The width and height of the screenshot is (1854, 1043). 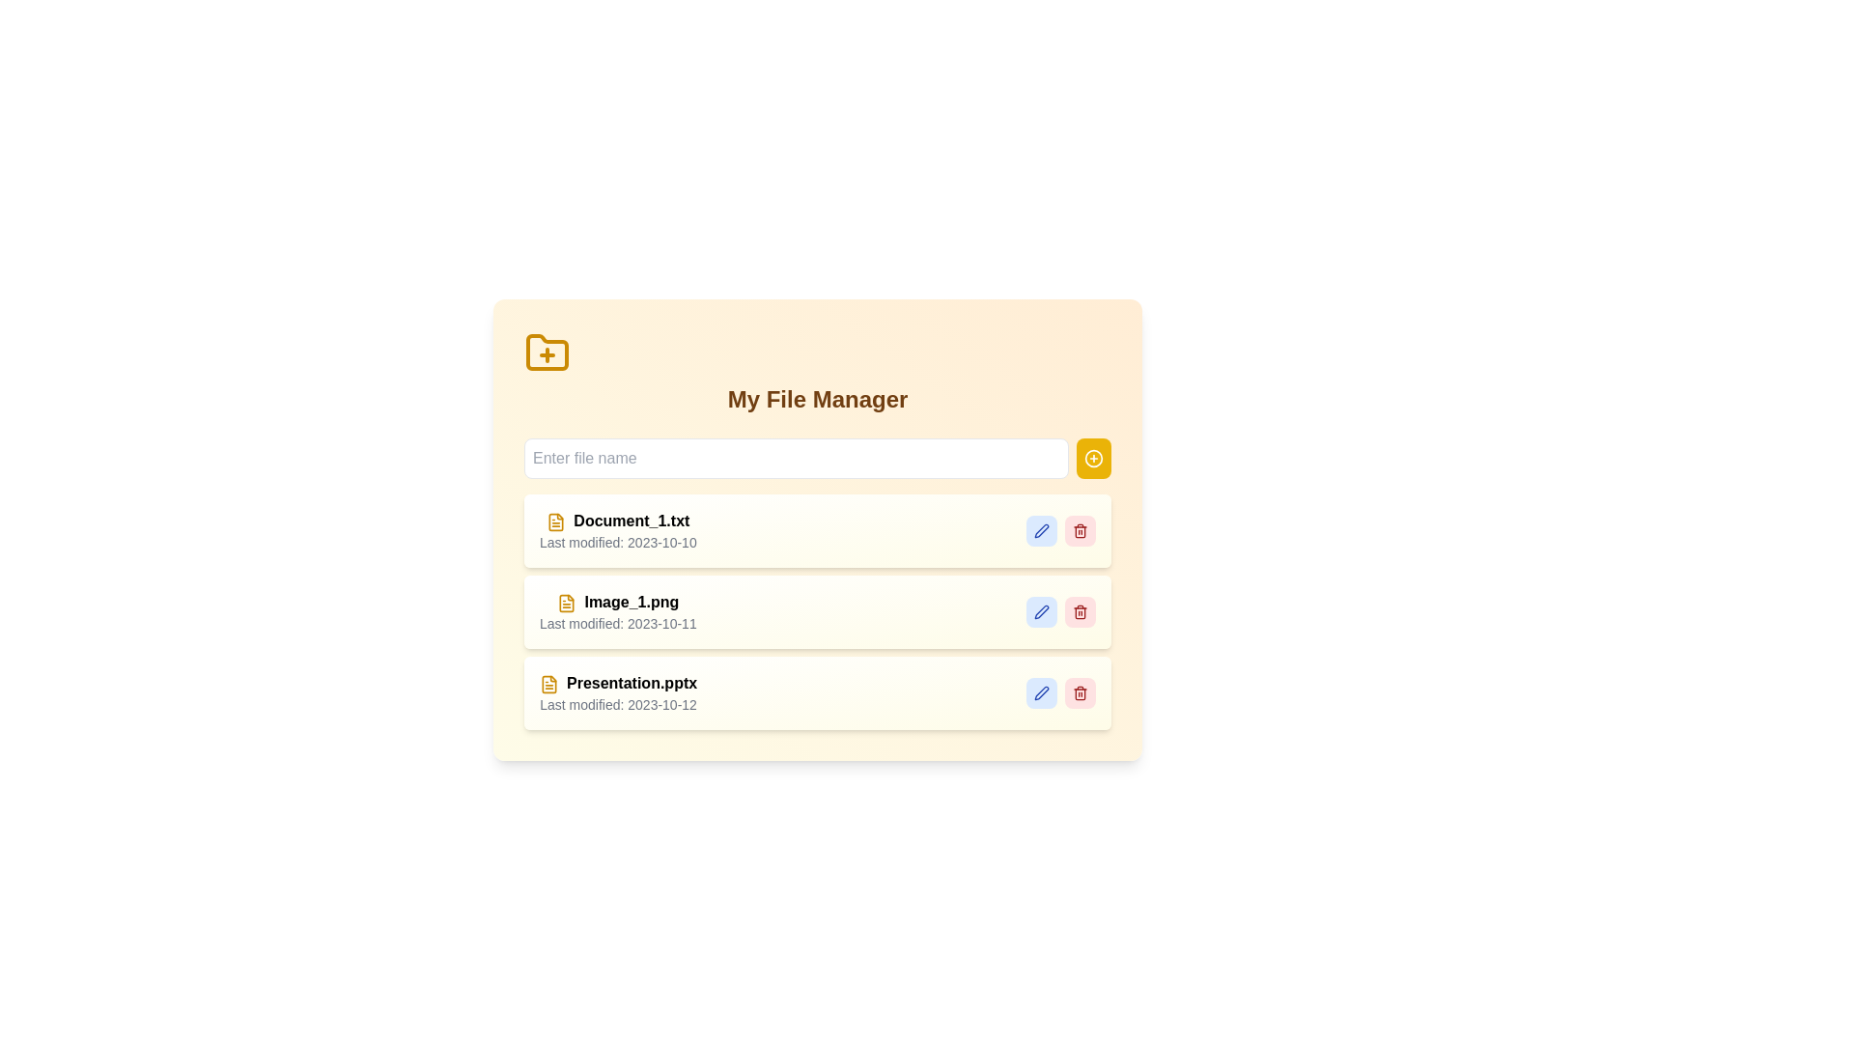 I want to click on the yellow-themed SVG document icon located to the immediate left of the text 'Image_1.png' in the file manager interface, so click(x=566, y=602).